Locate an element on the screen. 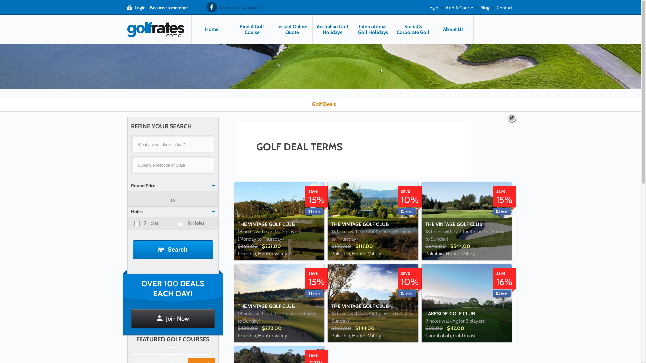 The width and height of the screenshot is (646, 363). 'Login' is located at coordinates (134, 7).